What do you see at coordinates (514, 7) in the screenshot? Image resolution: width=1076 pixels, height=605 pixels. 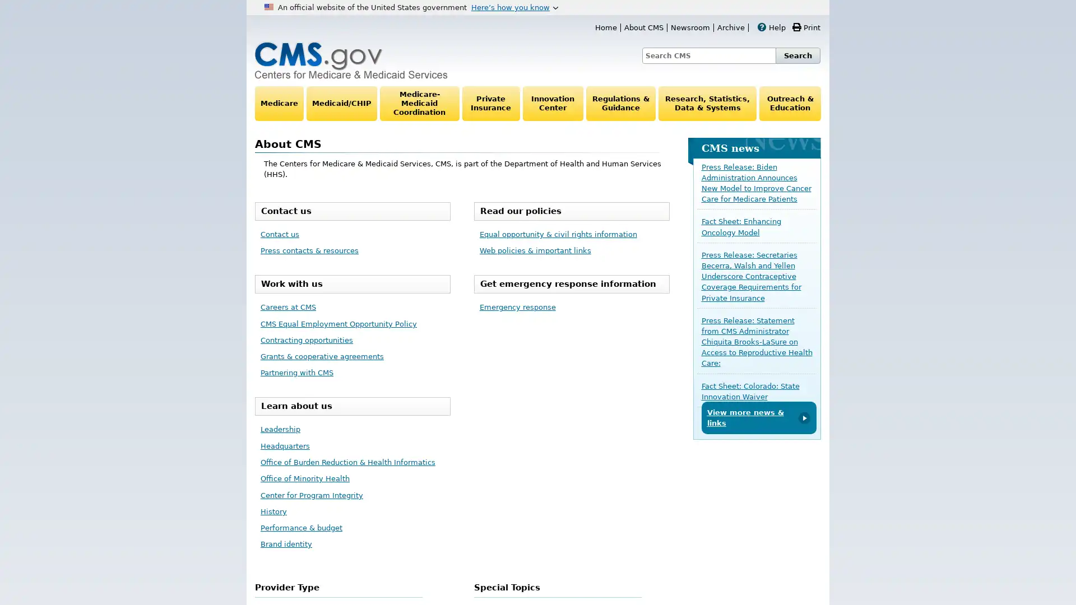 I see `Heres how you know` at bounding box center [514, 7].